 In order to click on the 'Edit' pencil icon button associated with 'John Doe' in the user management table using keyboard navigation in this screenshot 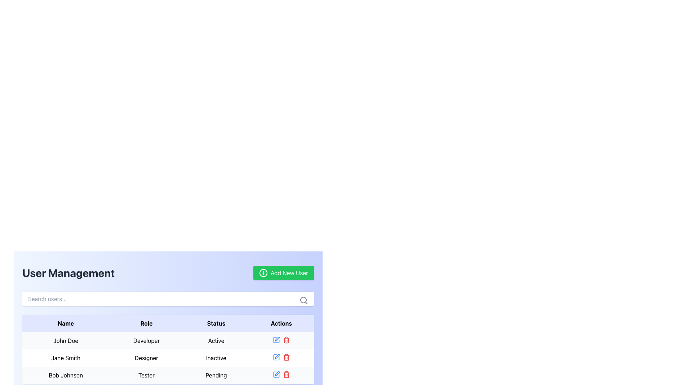, I will do `click(277, 339)`.